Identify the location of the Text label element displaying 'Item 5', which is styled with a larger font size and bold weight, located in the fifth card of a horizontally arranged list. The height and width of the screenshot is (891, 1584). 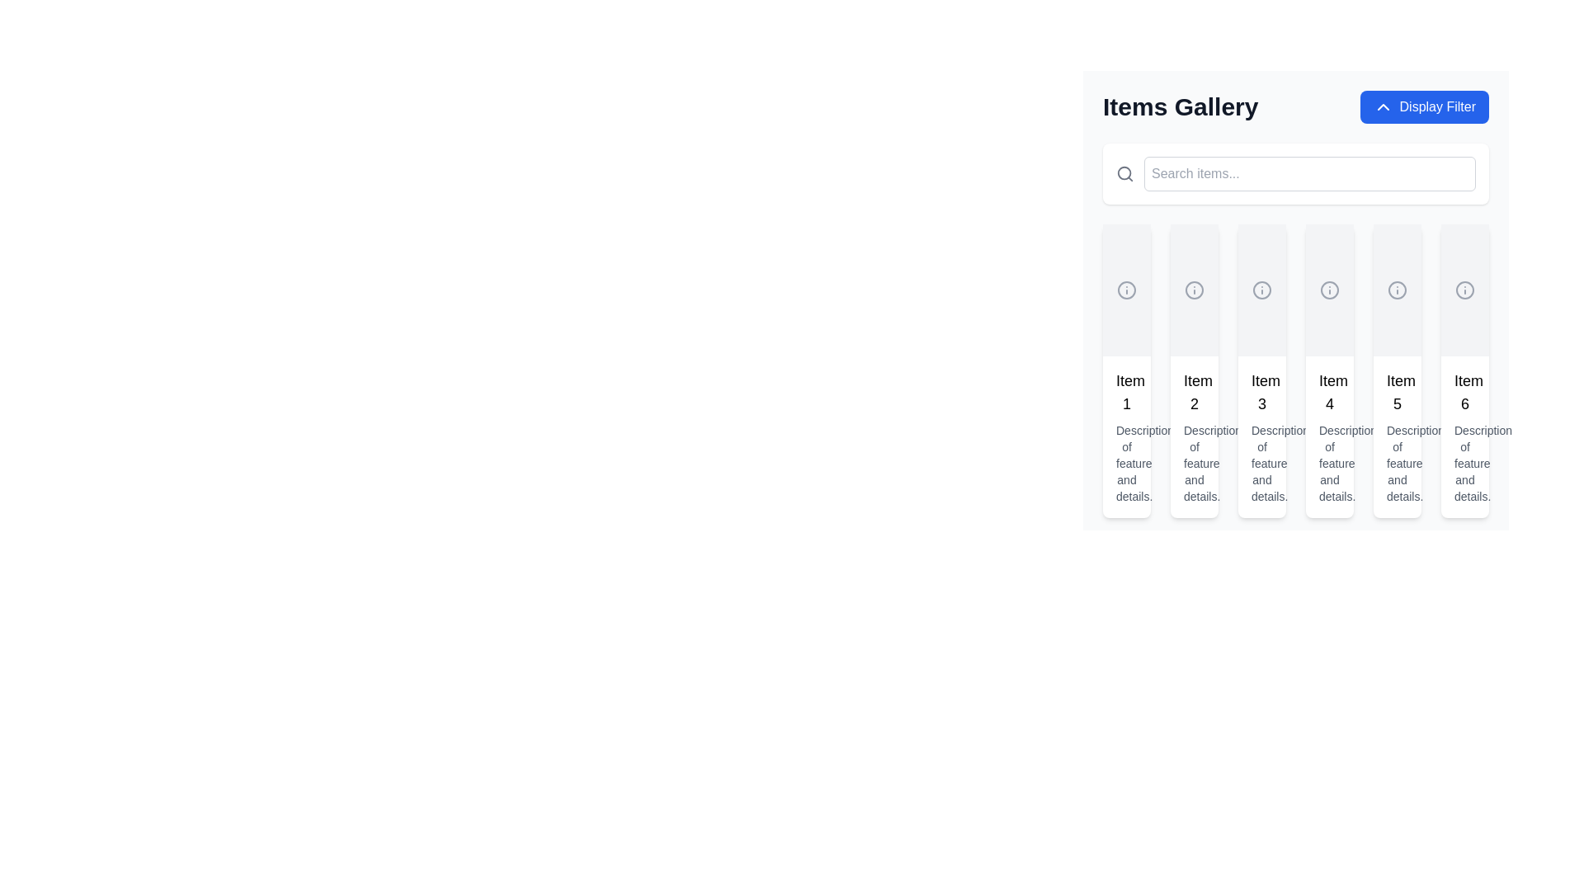
(1397, 392).